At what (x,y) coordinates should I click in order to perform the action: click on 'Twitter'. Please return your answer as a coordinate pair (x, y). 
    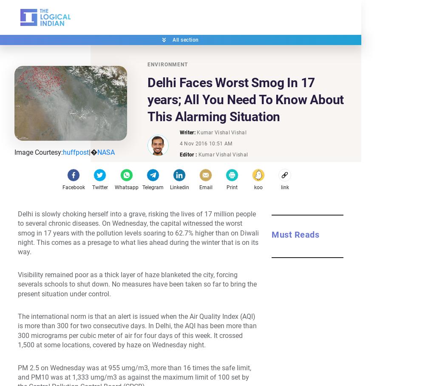
    Looking at the image, I should click on (91, 187).